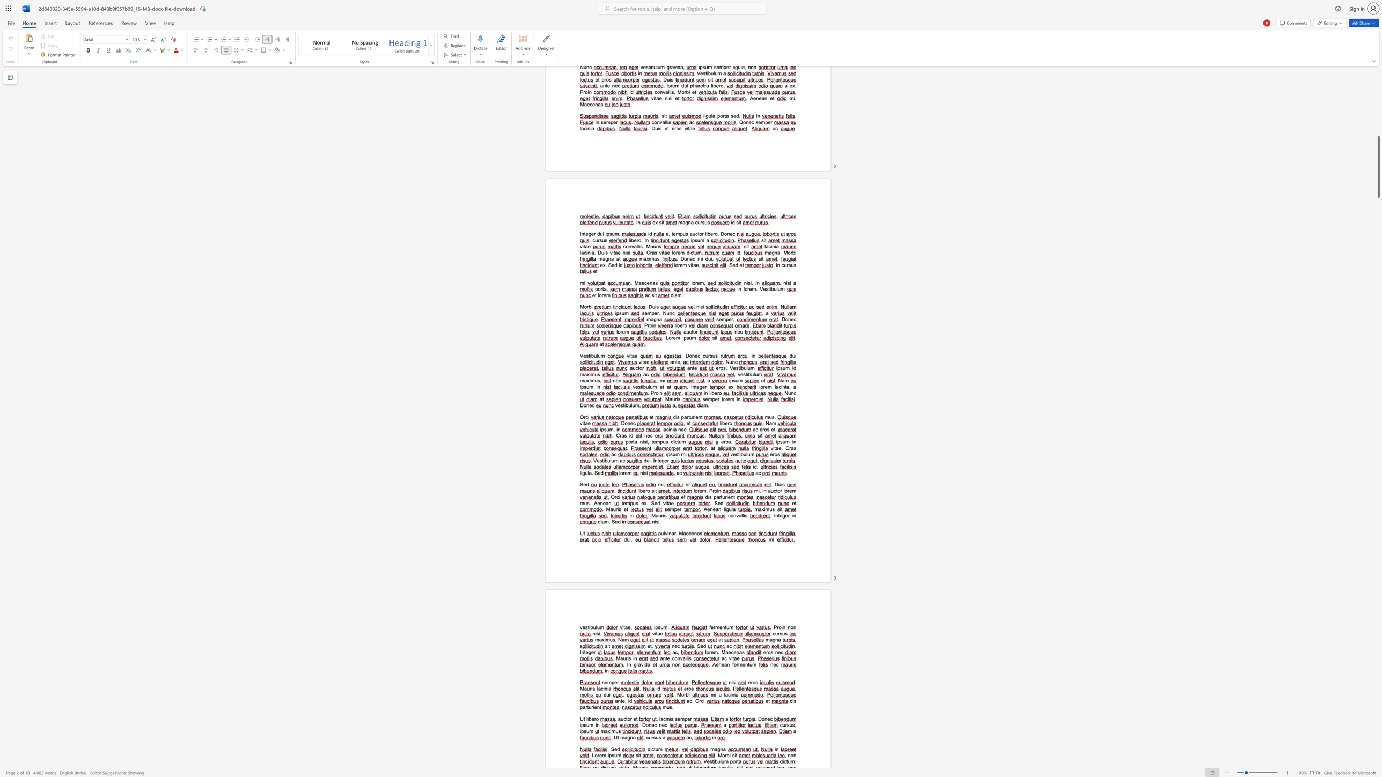 The height and width of the screenshot is (777, 1382). Describe the element at coordinates (602, 430) in the screenshot. I see `the 1th character "p" in the text` at that location.